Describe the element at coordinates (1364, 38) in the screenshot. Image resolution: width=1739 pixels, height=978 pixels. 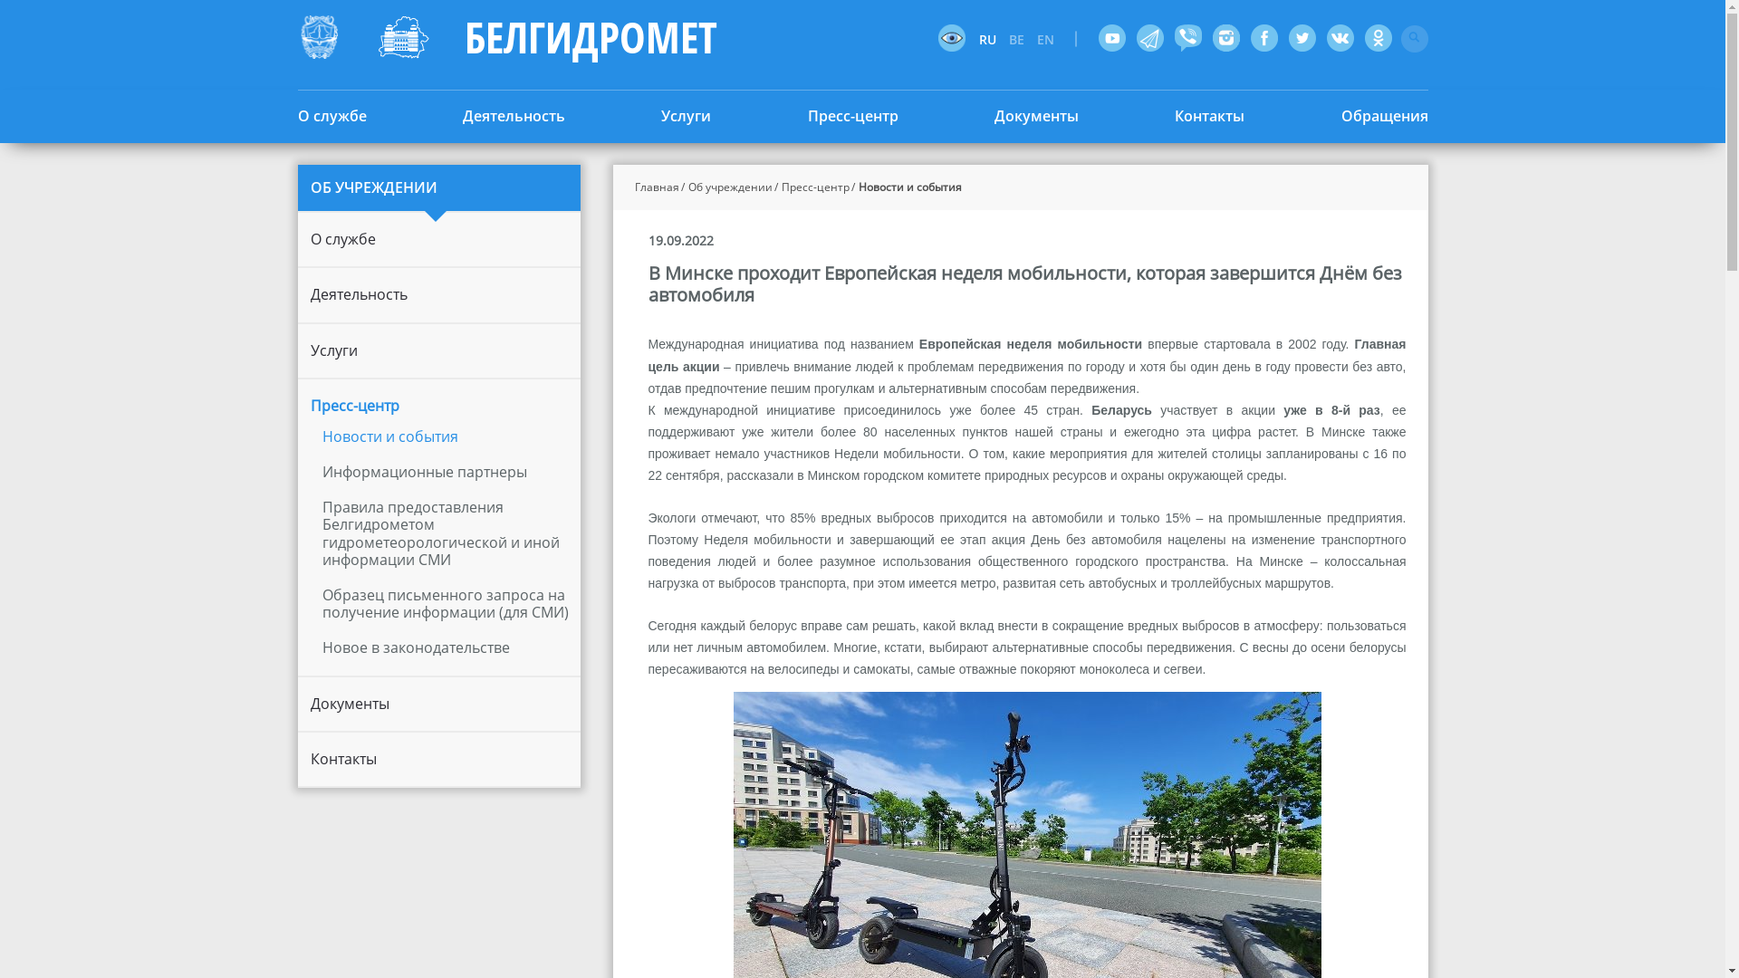
I see `'ok.ru'` at that location.